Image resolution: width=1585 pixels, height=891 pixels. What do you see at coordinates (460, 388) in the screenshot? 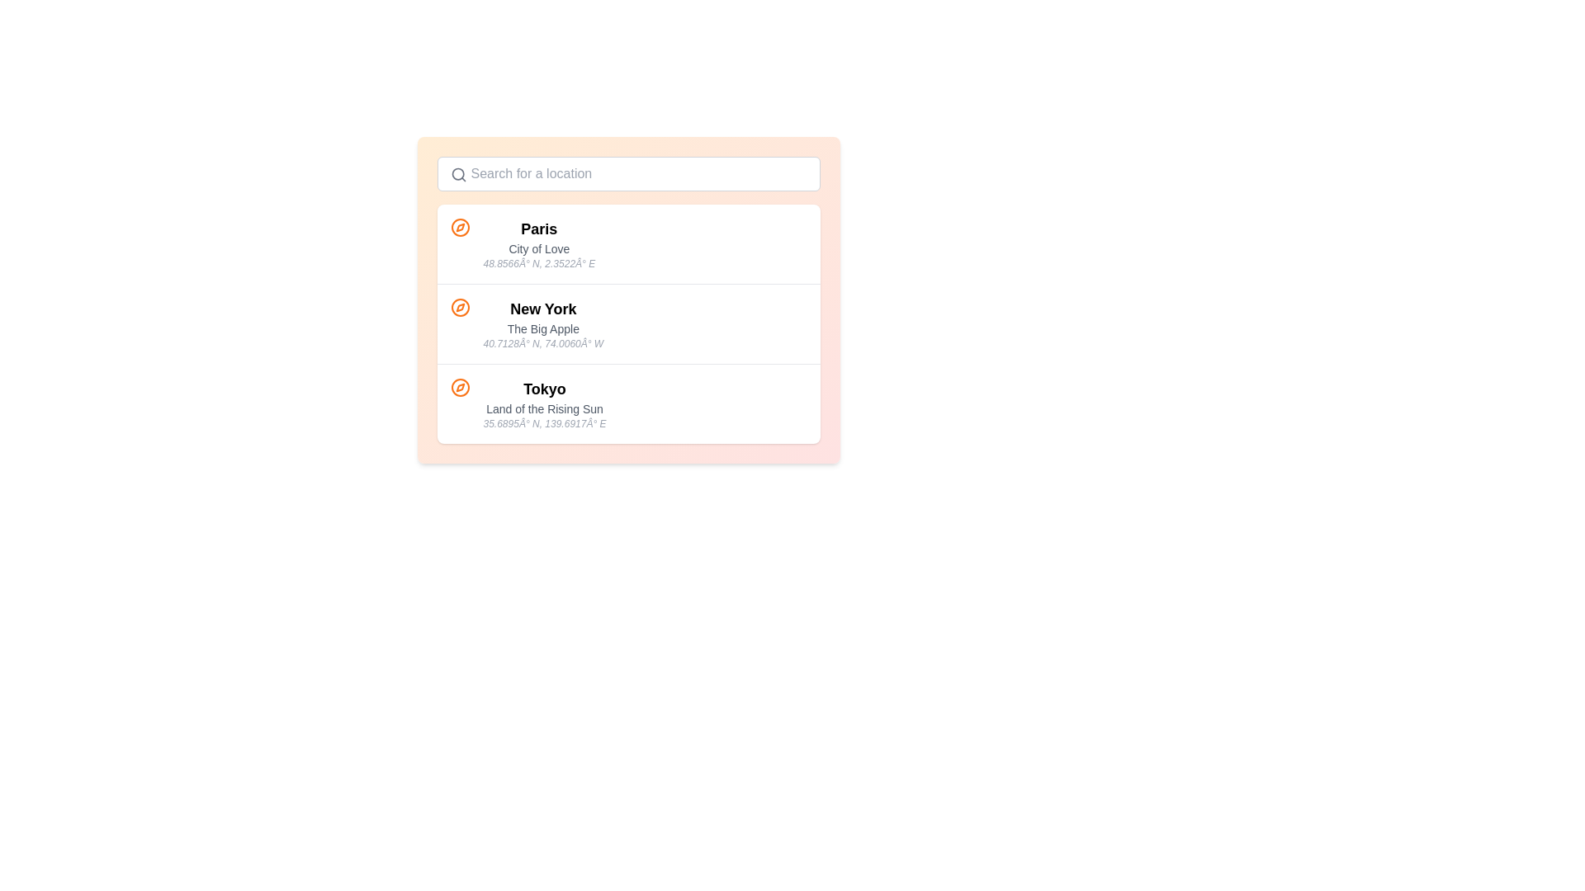
I see `the icon representing the 'Tokyo' location item, which is located to the left of the text 'Tokyo' in the third position of the scrolling view` at bounding box center [460, 388].